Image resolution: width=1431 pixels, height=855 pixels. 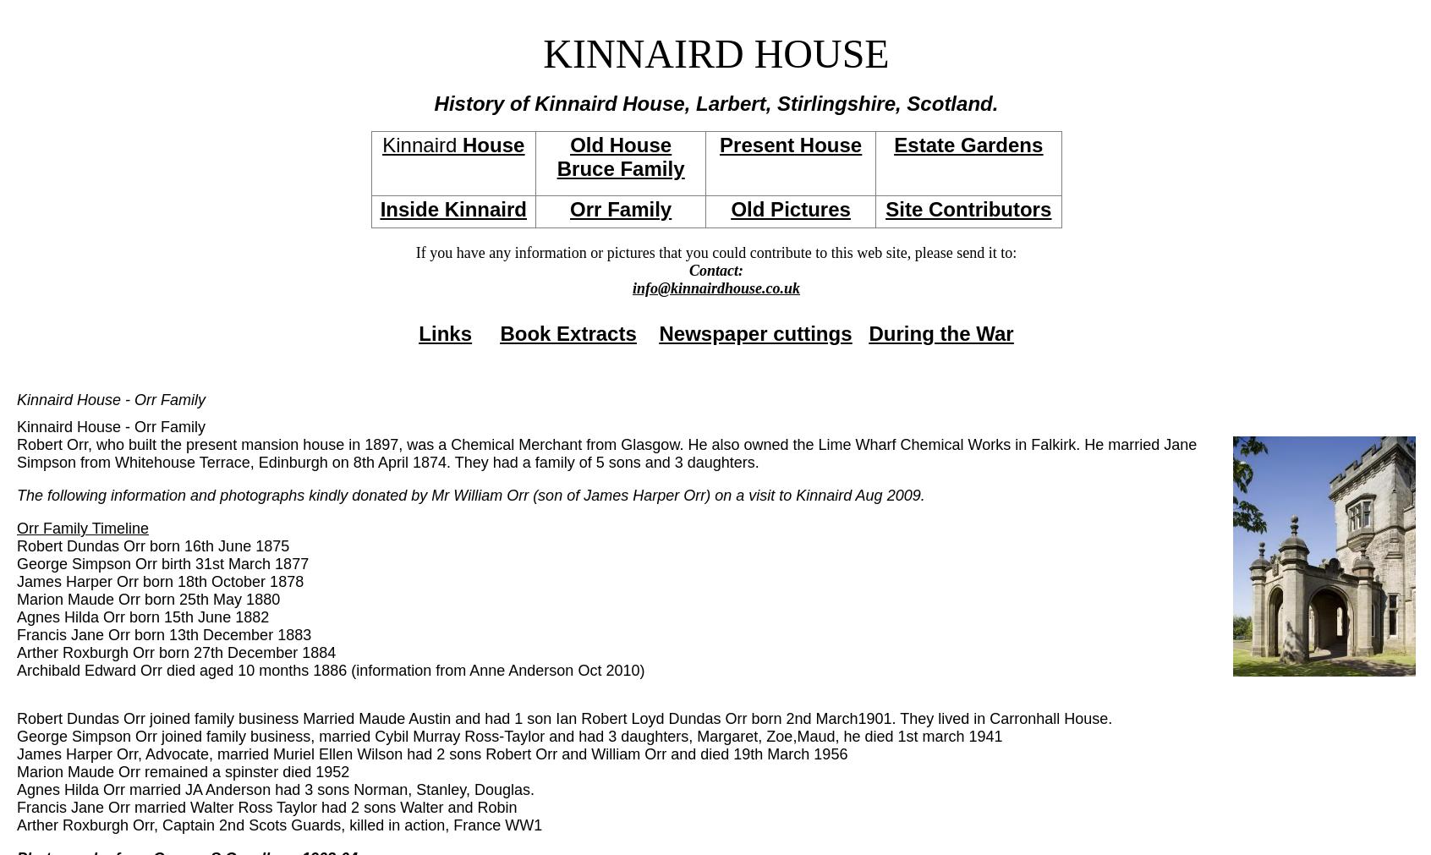 What do you see at coordinates (431, 754) in the screenshot?
I see `'James Harper Orr, Advocate, married Muriel Ellen Wilson had 2 sons Robert Orr and William Orr and died 19th March 1956'` at bounding box center [431, 754].